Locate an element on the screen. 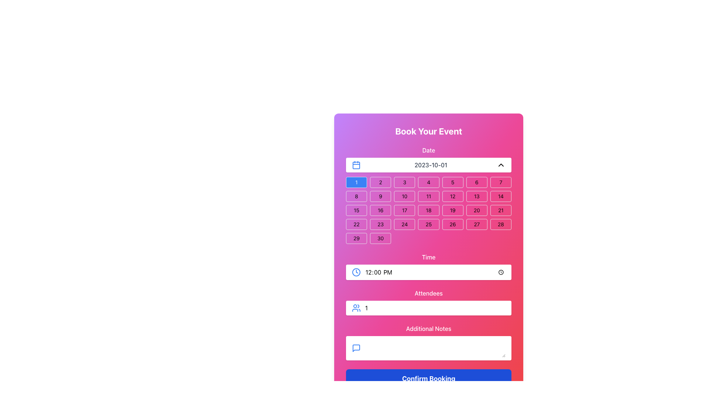  the date in the calendar grid is located at coordinates (429, 210).